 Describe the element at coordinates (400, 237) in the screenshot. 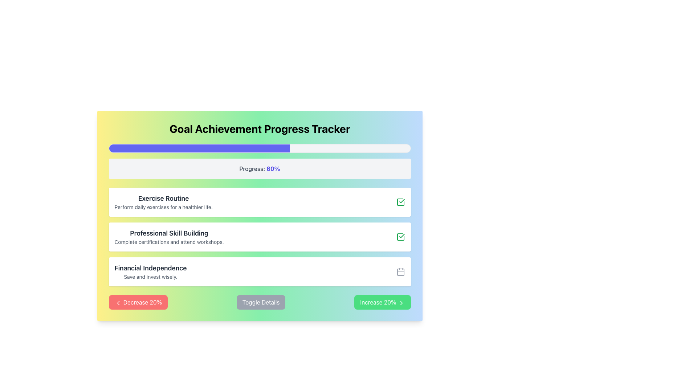

I see `the checkbox indicating task completion for 'Professional Skill Building' in the 'Goal Achievement Progress Tracker' section` at that location.